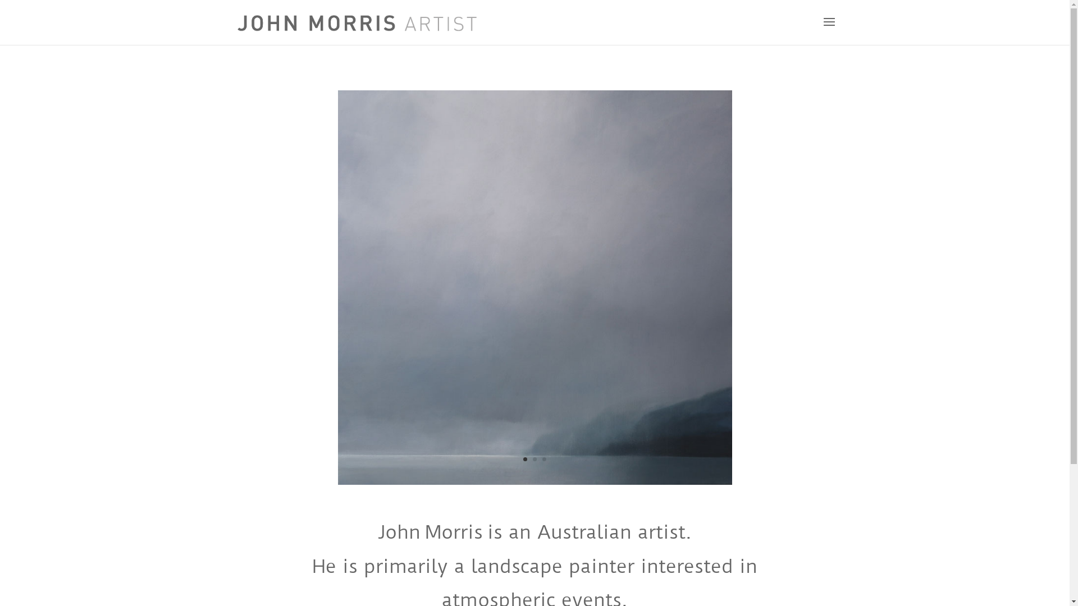 The width and height of the screenshot is (1078, 606). What do you see at coordinates (535, 480) in the screenshot?
I see `'Southern-Coast-102x102cm-oil-on-linen-2021-22-'` at bounding box center [535, 480].